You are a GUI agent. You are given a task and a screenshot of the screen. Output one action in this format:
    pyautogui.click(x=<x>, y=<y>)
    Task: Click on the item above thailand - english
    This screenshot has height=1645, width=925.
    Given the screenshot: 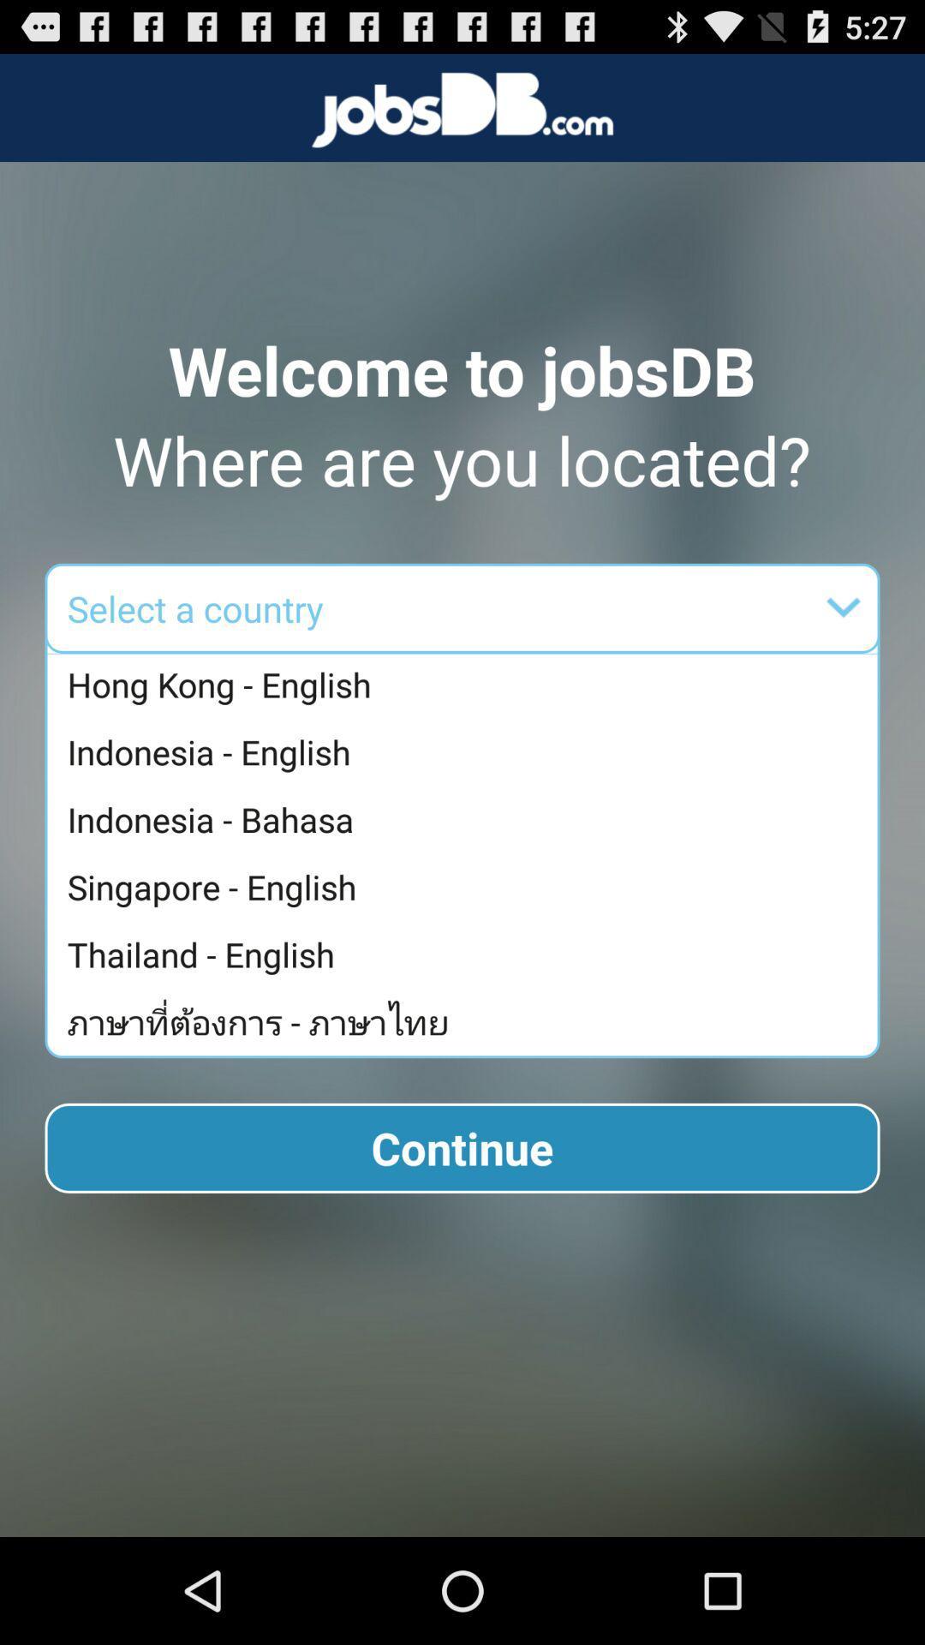 What is the action you would take?
    pyautogui.click(x=467, y=887)
    